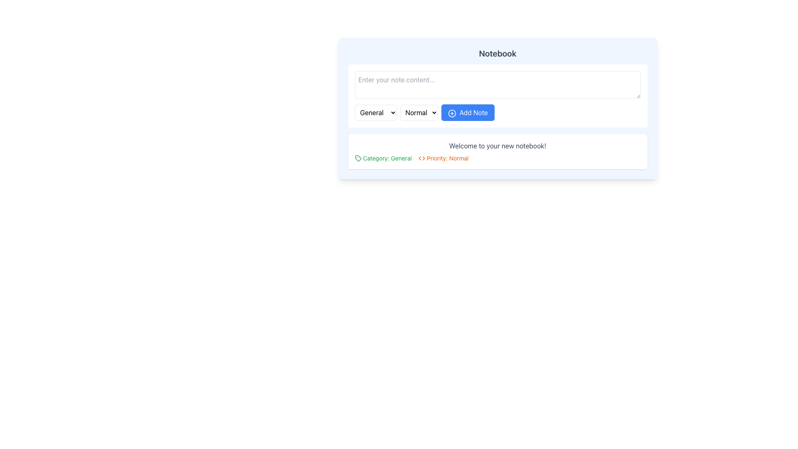 The width and height of the screenshot is (798, 449). What do you see at coordinates (375, 112) in the screenshot?
I see `the 'General' Dropdown Menu, which is the first element in a horizontal arrangement` at bounding box center [375, 112].